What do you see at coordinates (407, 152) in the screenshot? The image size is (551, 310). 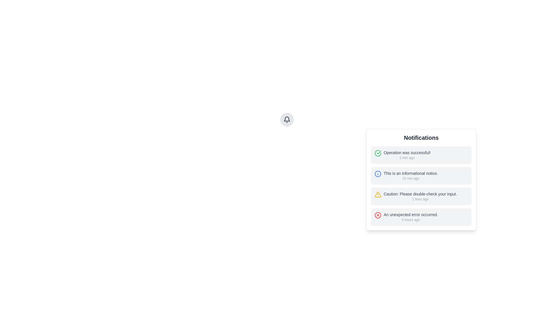 I see `the text label displaying 'Operation was successful!' in the Notifications section, which is the topmost text in the first notification` at bounding box center [407, 152].